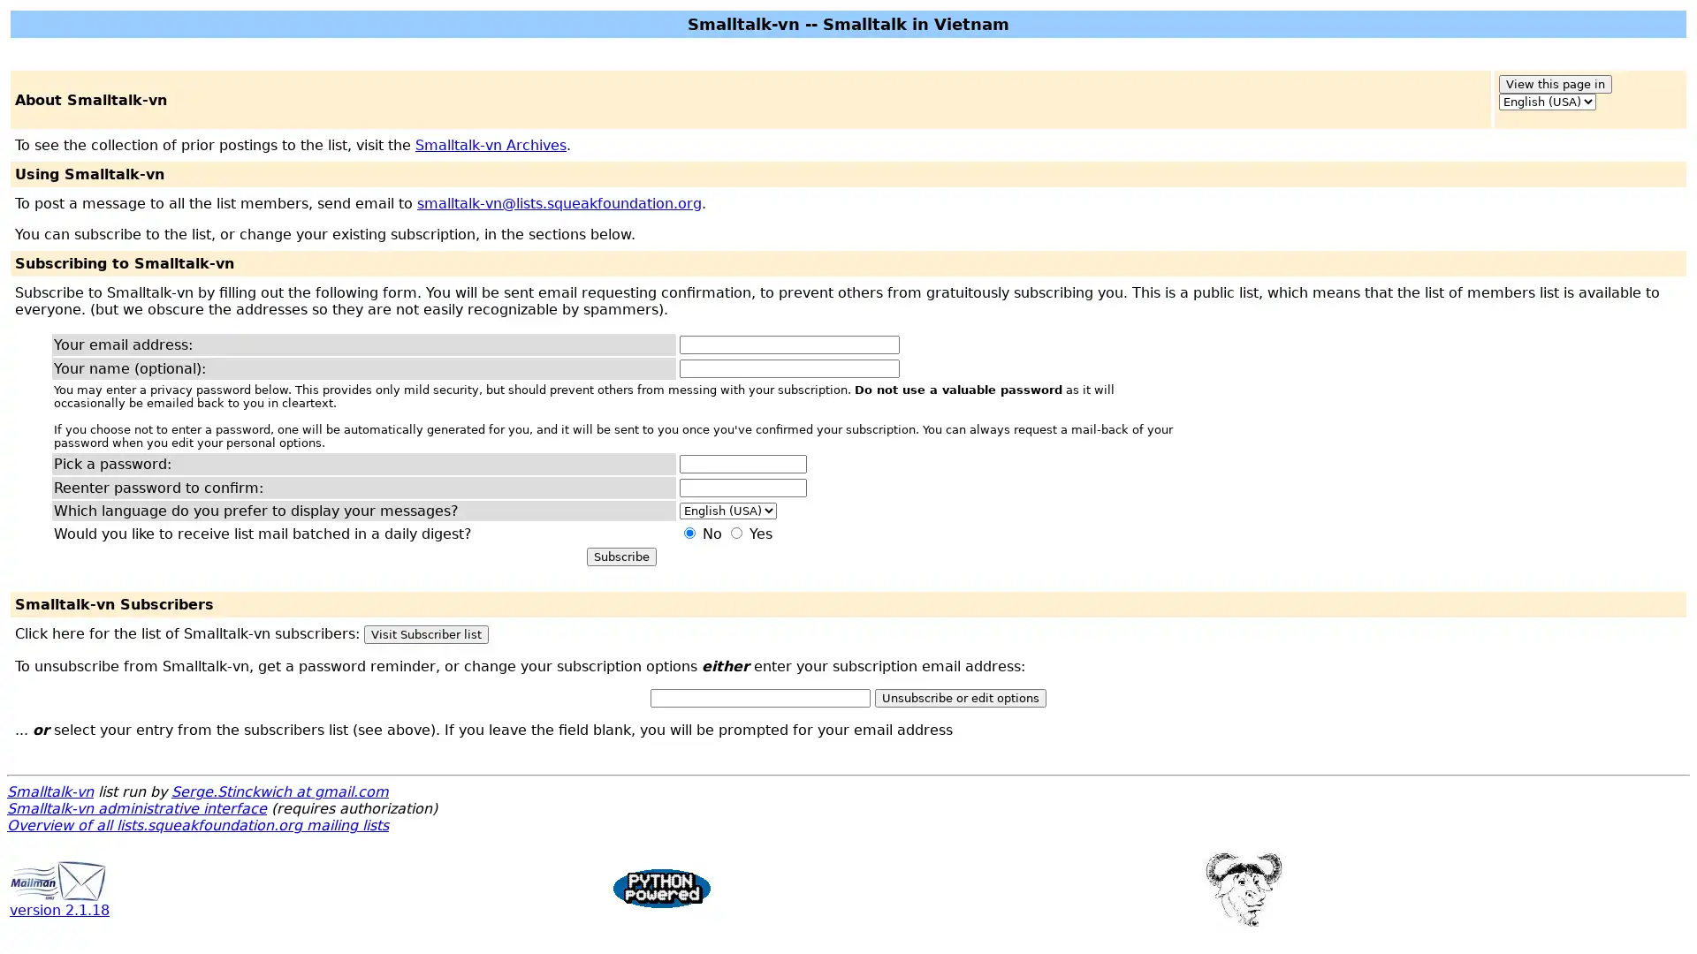  What do you see at coordinates (959, 697) in the screenshot?
I see `Unsubscribe or edit options` at bounding box center [959, 697].